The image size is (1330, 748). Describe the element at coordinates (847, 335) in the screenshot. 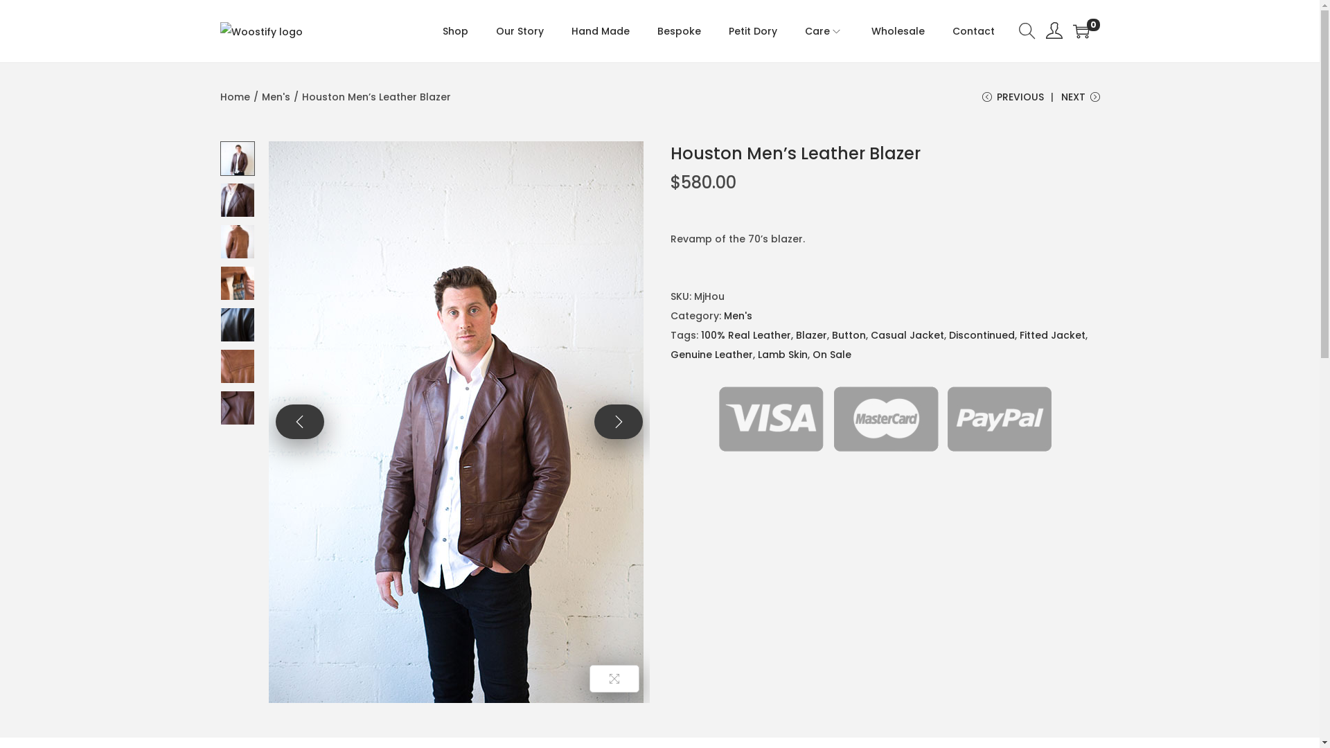

I see `'Button'` at that location.